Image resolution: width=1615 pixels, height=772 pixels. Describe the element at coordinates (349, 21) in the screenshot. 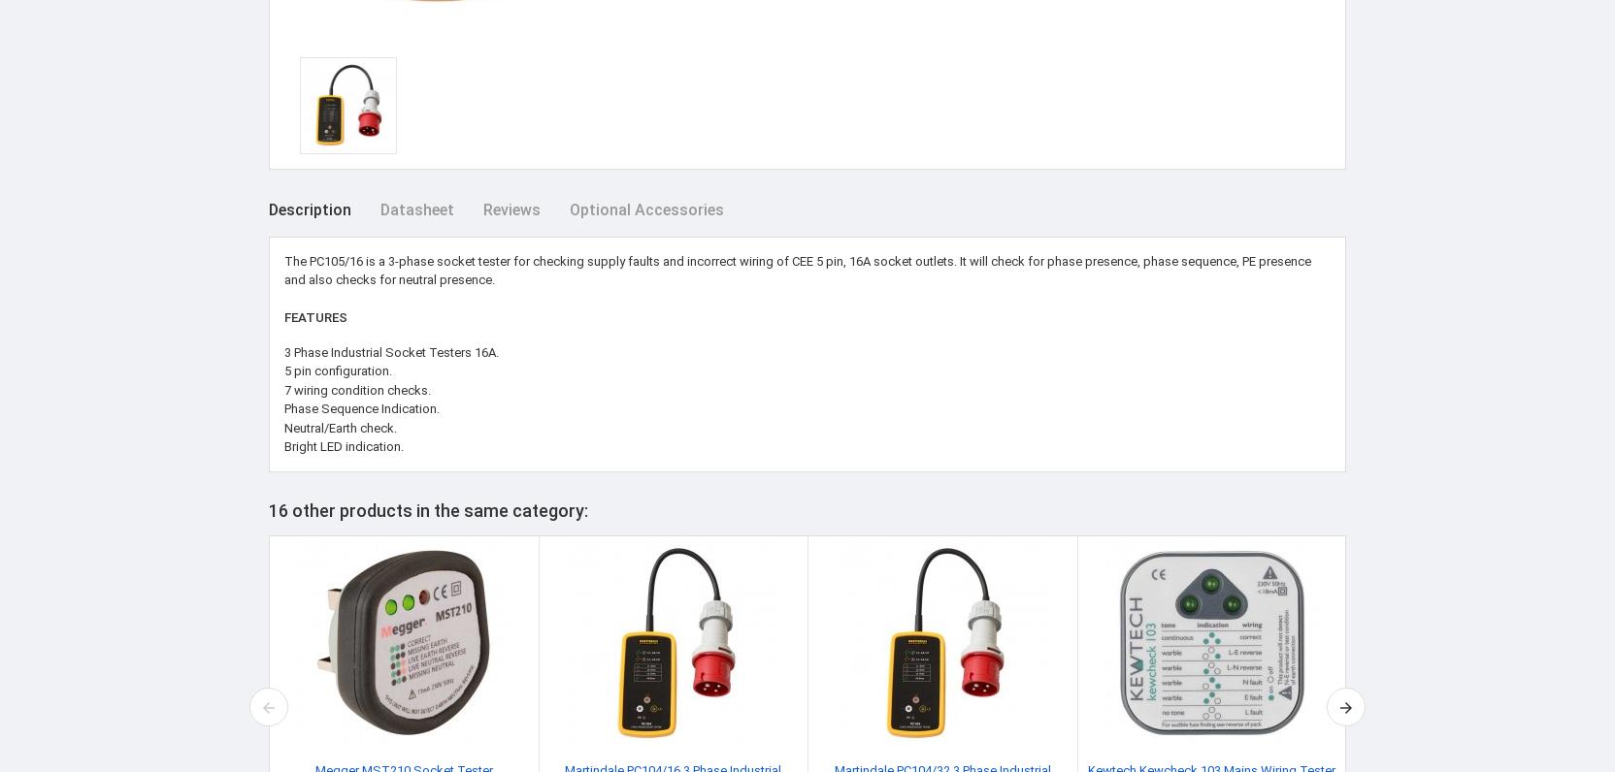

I see `'Ex-Demo & Clearance'` at that location.